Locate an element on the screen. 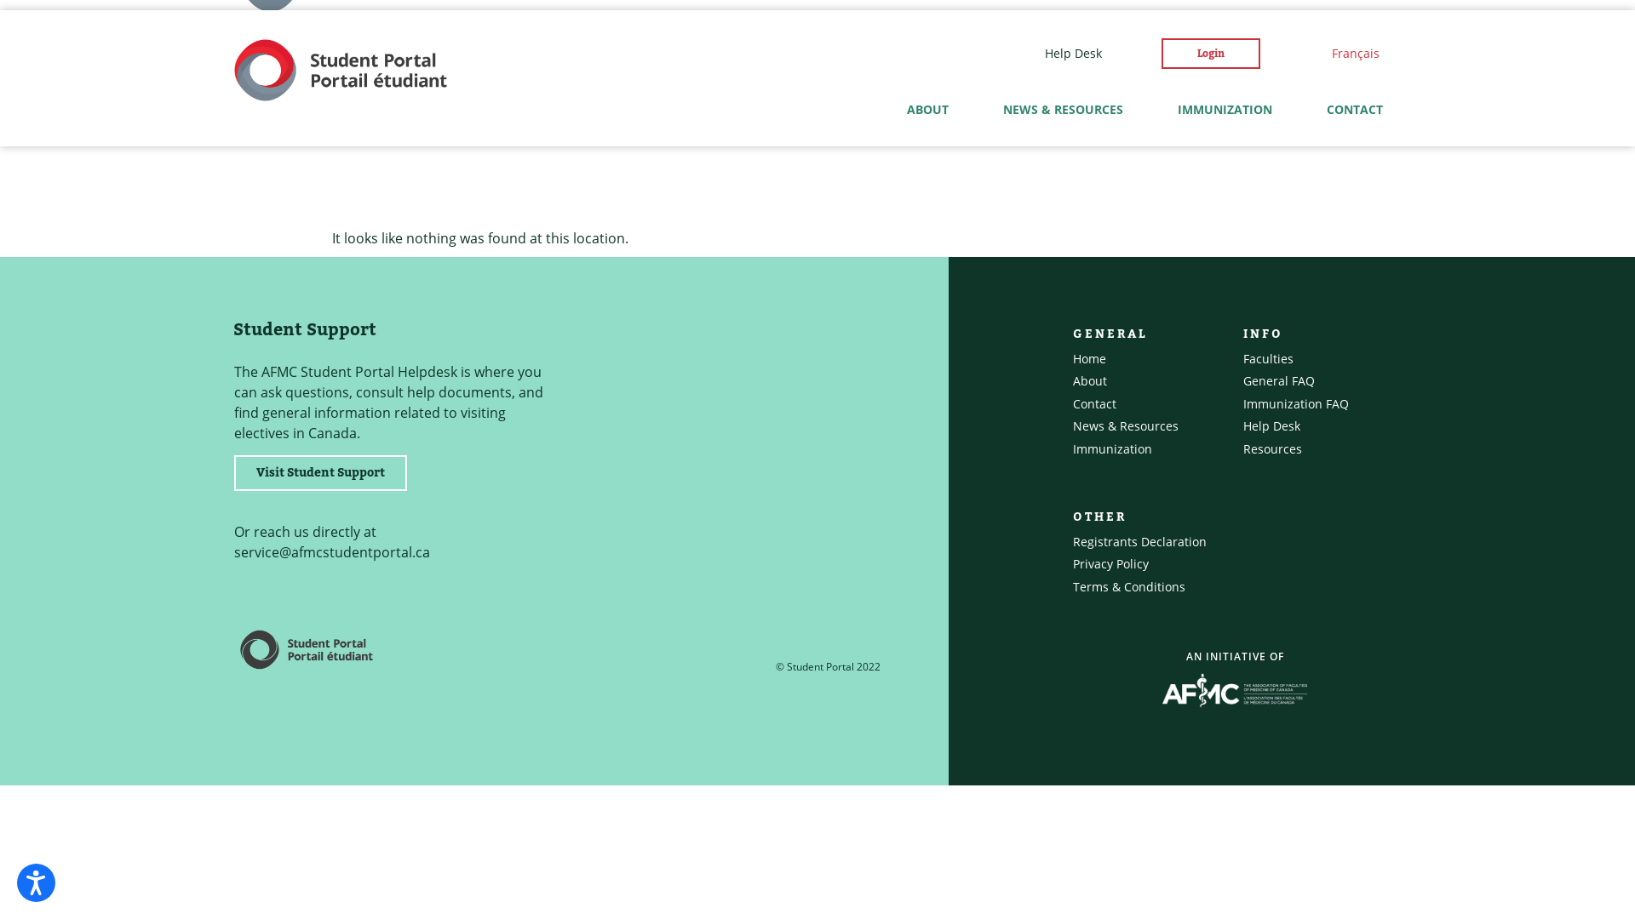  'CONTACT' is located at coordinates (1353, 109).